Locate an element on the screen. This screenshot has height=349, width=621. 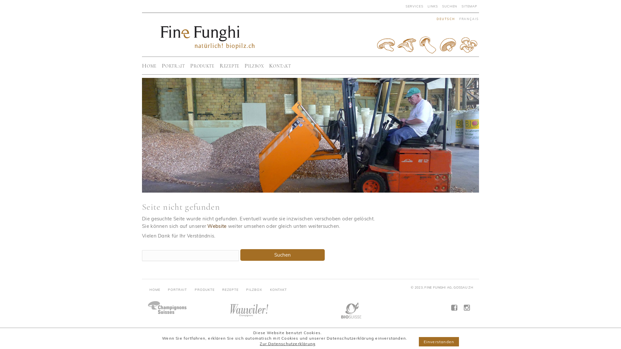
'PORTRAIT' is located at coordinates (177, 289).